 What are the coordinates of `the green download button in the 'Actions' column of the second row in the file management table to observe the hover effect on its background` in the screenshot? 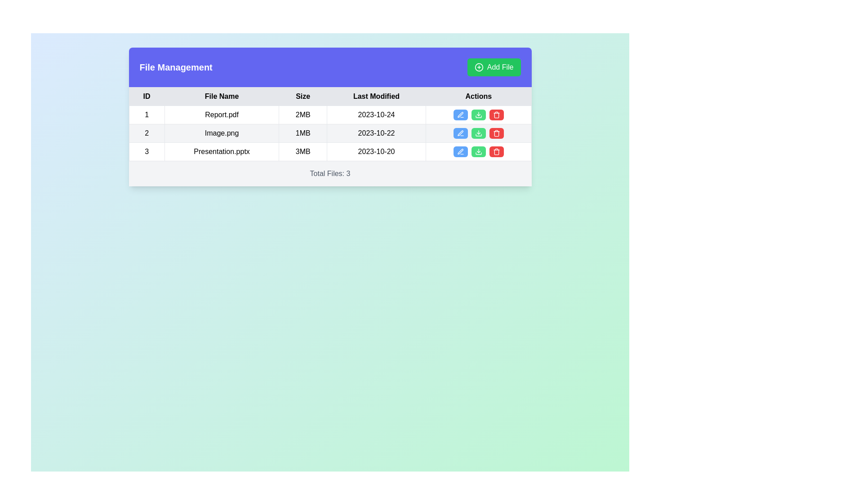 It's located at (478, 133).